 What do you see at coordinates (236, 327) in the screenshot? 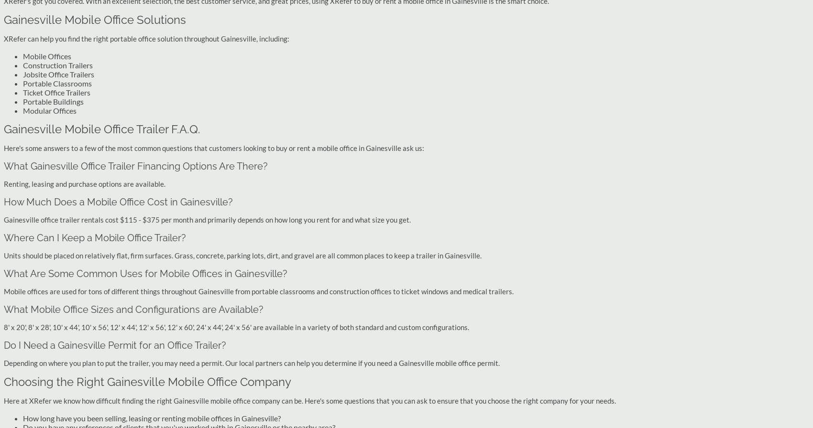
I see `'8' x 20', 8' x 28', 10' x 44', 10' x 56', 12' x 44', 12' x 56', 12' x 60', 24' x 44', 24' x 56' are available in a variety of both standard and custom configurations.'` at bounding box center [236, 327].